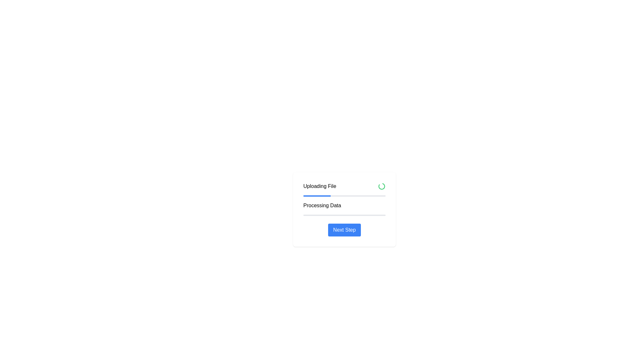 This screenshot has width=617, height=347. Describe the element at coordinates (312, 195) in the screenshot. I see `the progress bar` at that location.